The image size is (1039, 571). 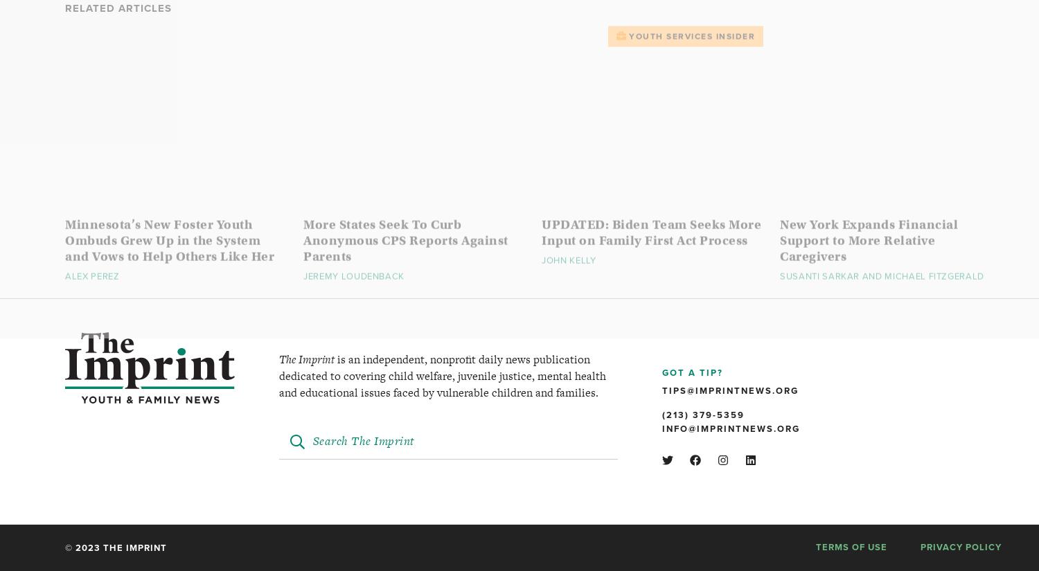 I want to click on 'Privacy Policy', so click(x=961, y=547).